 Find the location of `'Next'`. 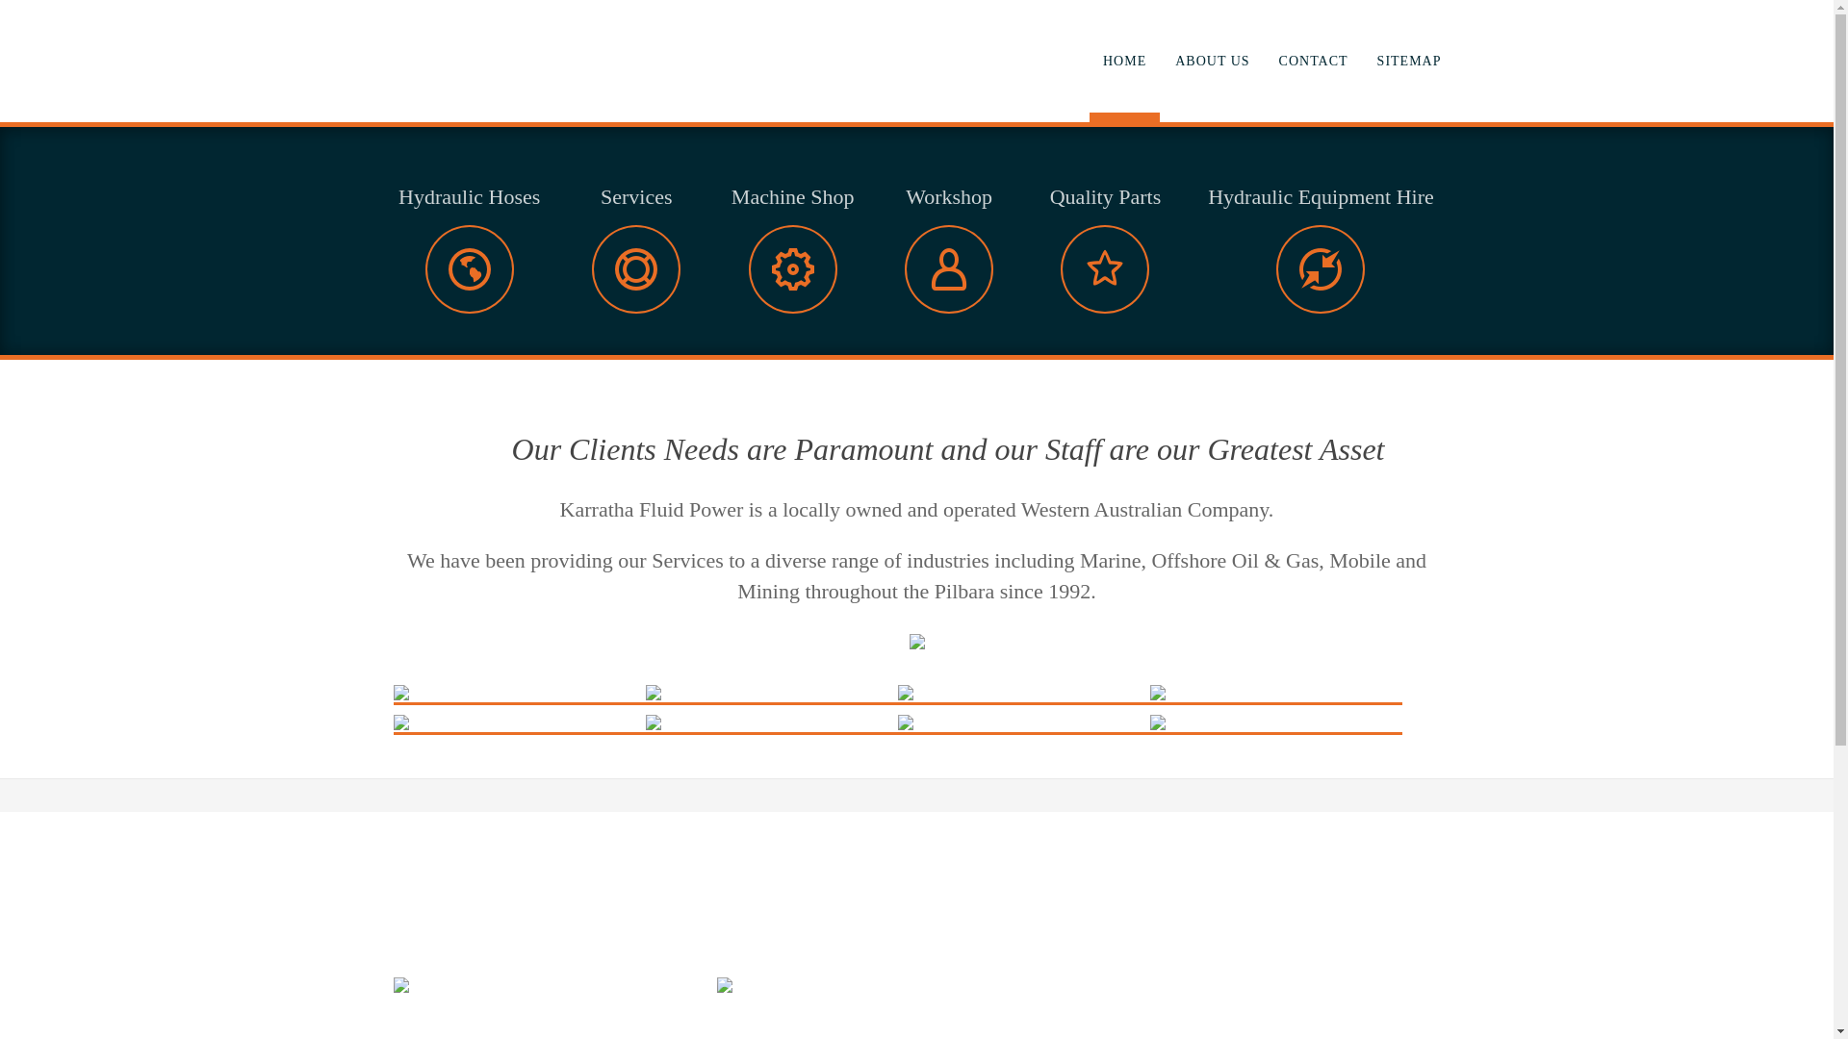

'Next' is located at coordinates (1791, 63).